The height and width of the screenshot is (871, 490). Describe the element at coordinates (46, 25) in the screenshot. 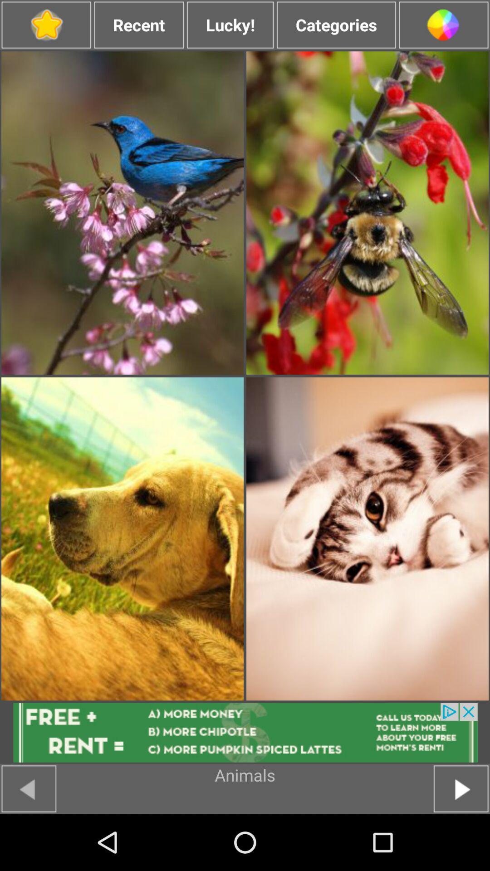

I see `the switch autoplay option` at that location.